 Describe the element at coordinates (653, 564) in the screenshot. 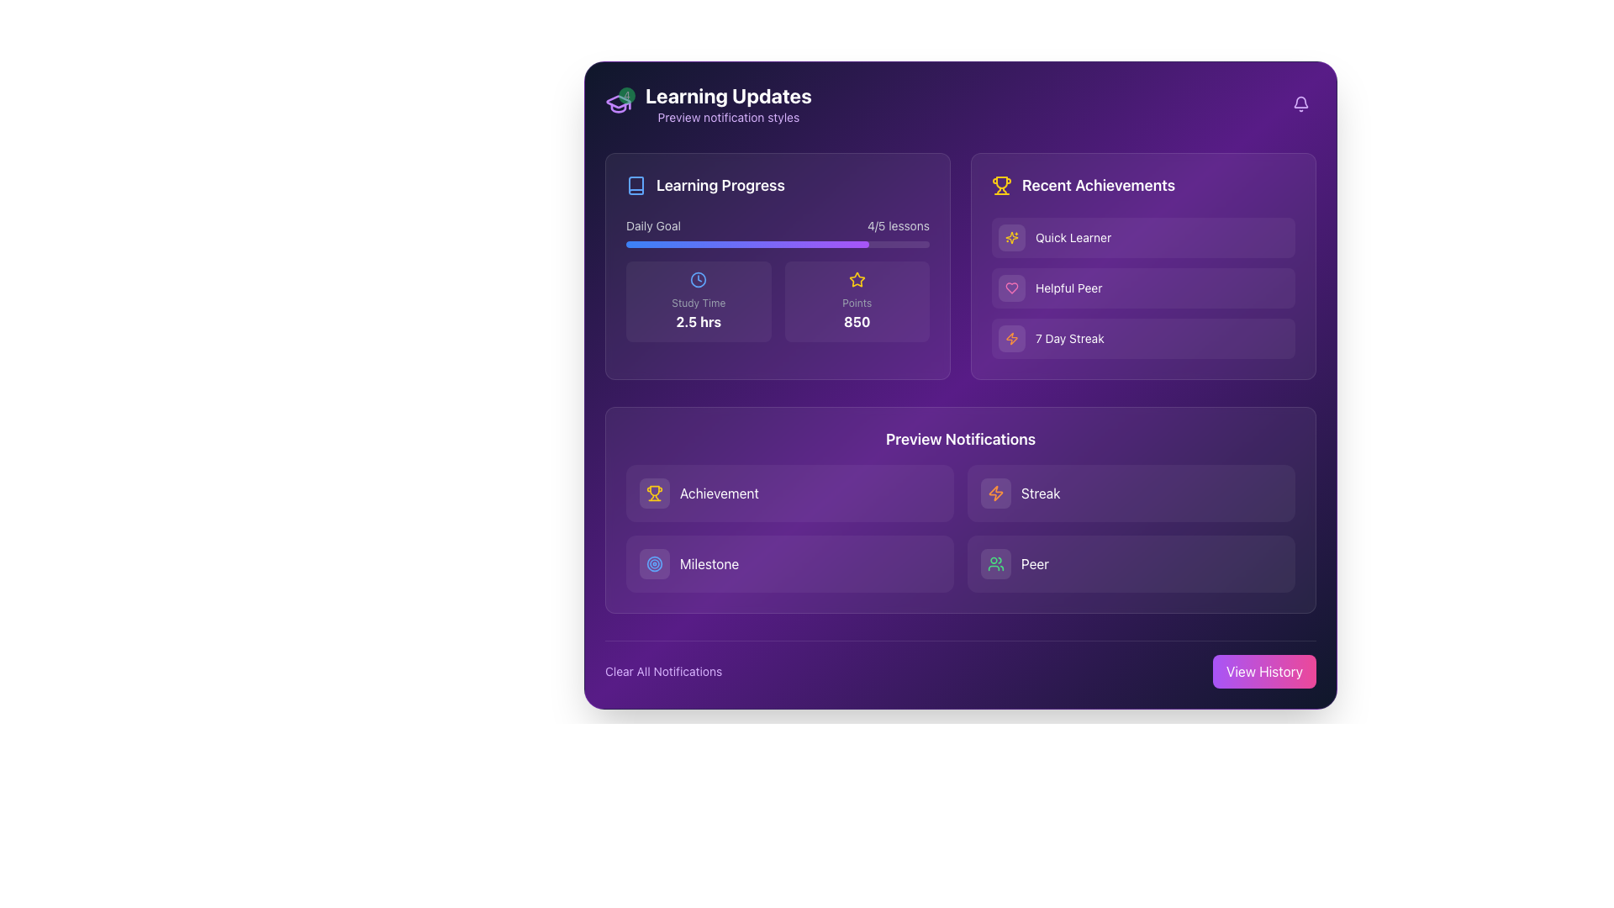

I see `the details of the Target icon, which is a small circular icon with concentric circles in shades of blue, located within the 'Preview Notifications' section next to the label 'Milestone'` at that location.